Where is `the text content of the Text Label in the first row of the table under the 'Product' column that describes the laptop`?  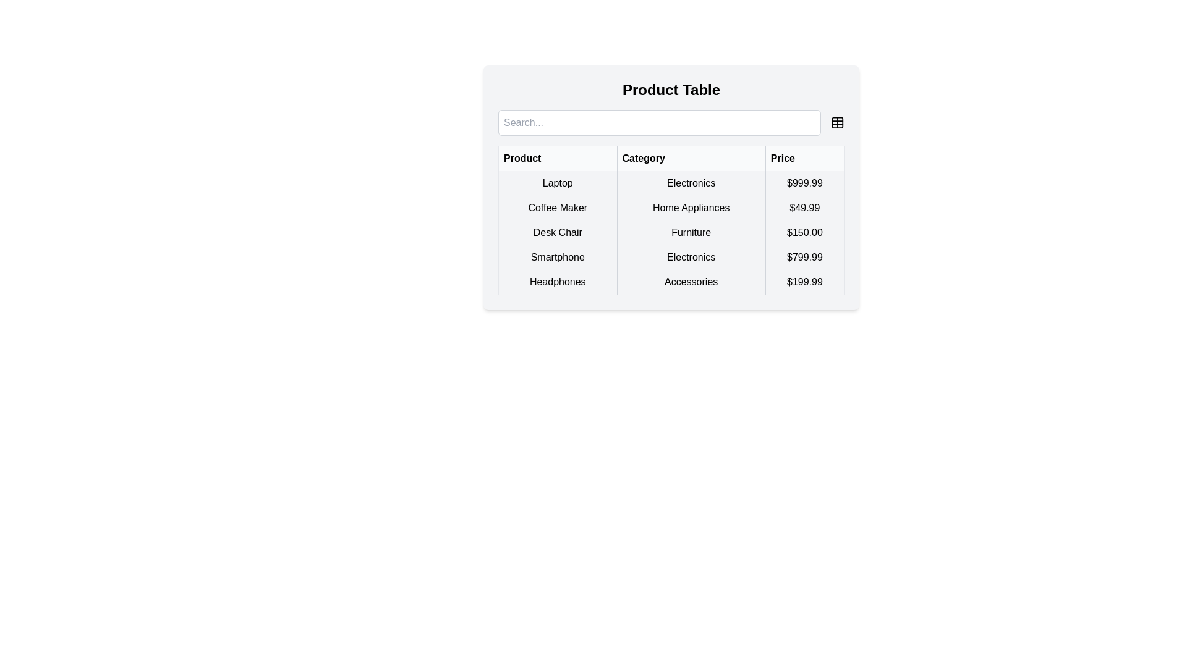 the text content of the Text Label in the first row of the table under the 'Product' column that describes the laptop is located at coordinates (557, 183).